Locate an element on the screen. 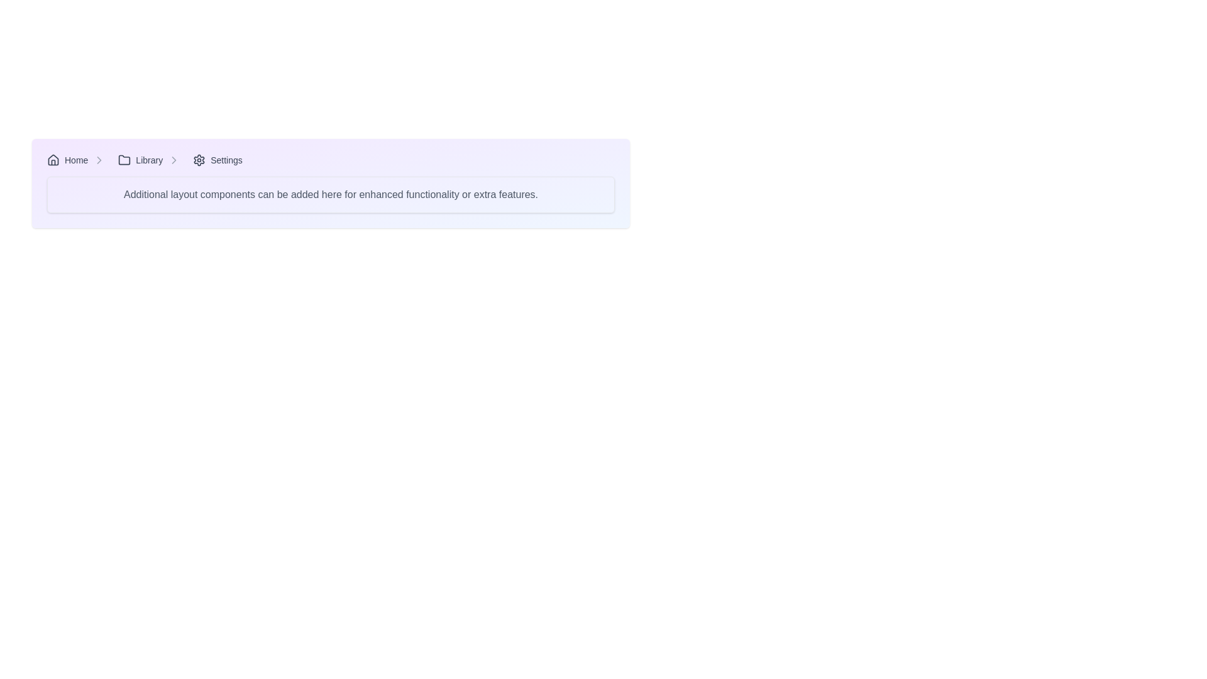  the second item in the breadcrumb navigation bar that links to the 'Library' section is located at coordinates (151, 159).